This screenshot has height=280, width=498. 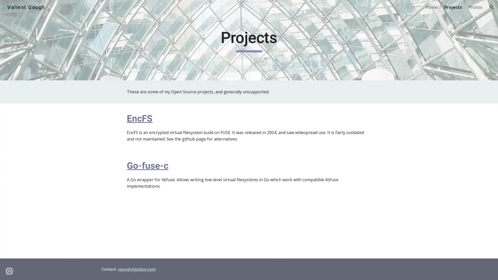 I want to click on Skip to main content, so click(x=204, y=10).